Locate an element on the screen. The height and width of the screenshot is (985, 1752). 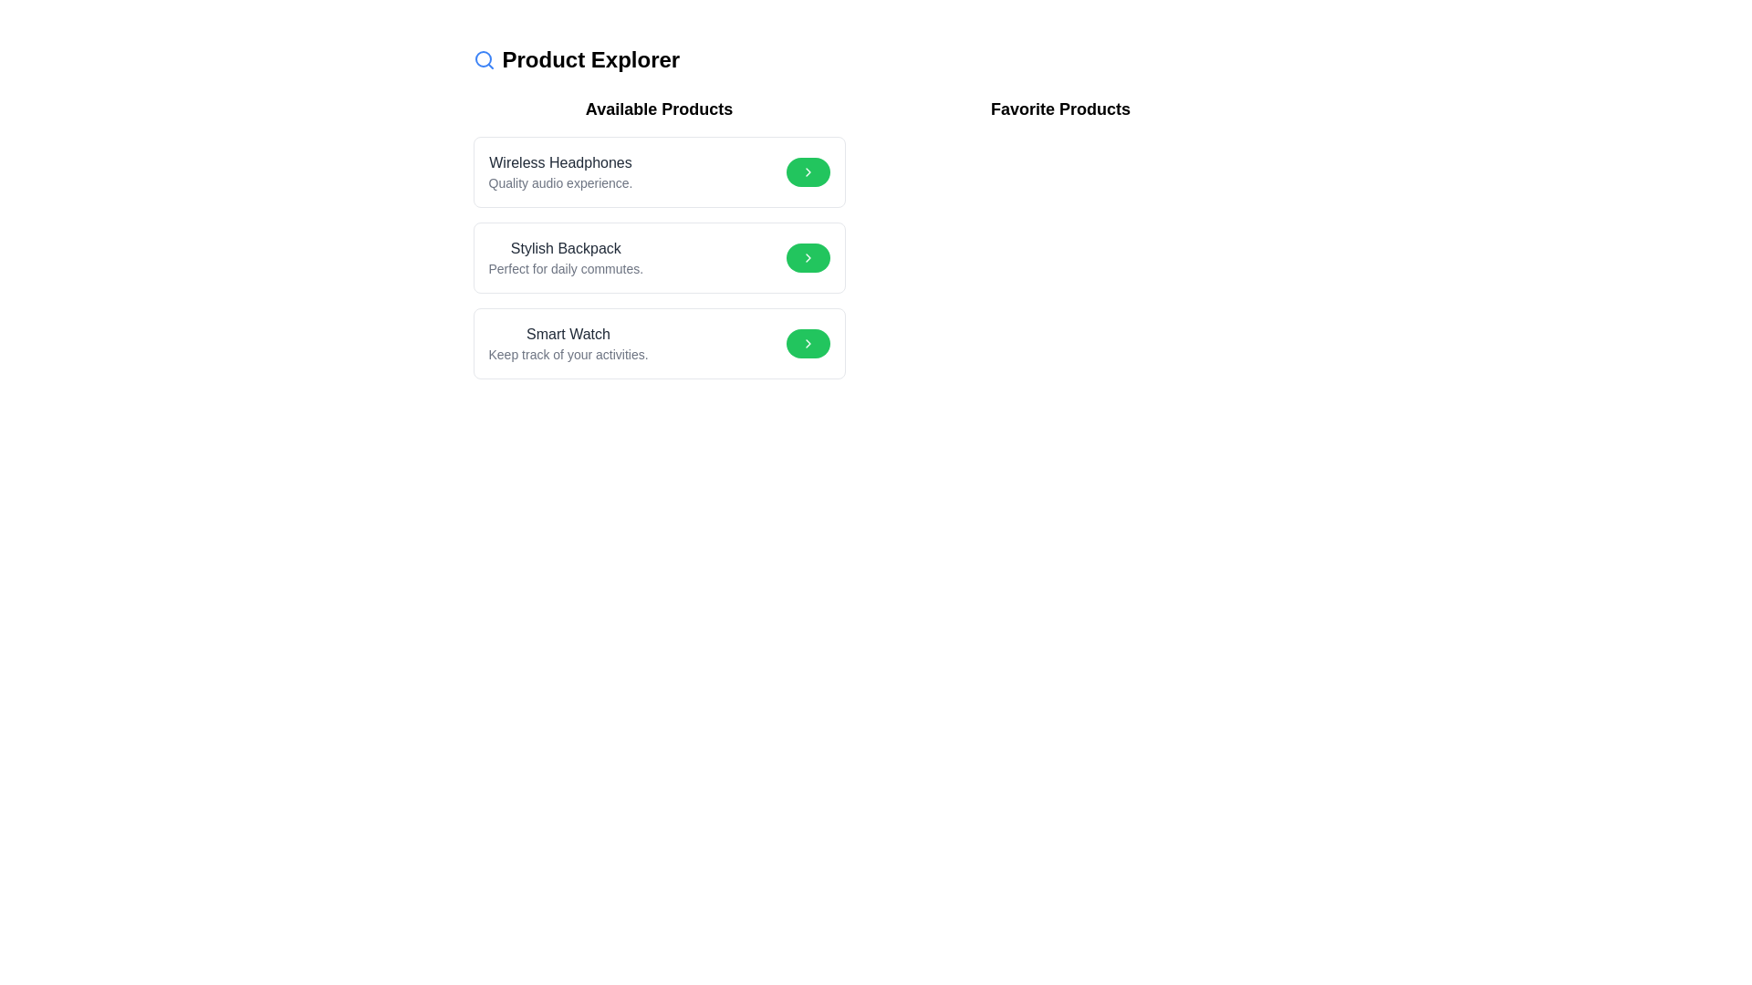
the chevron-shaped icon on the green button to the right of 'Wireless Headphones' for tooltip or effect is located at coordinates (807, 172).